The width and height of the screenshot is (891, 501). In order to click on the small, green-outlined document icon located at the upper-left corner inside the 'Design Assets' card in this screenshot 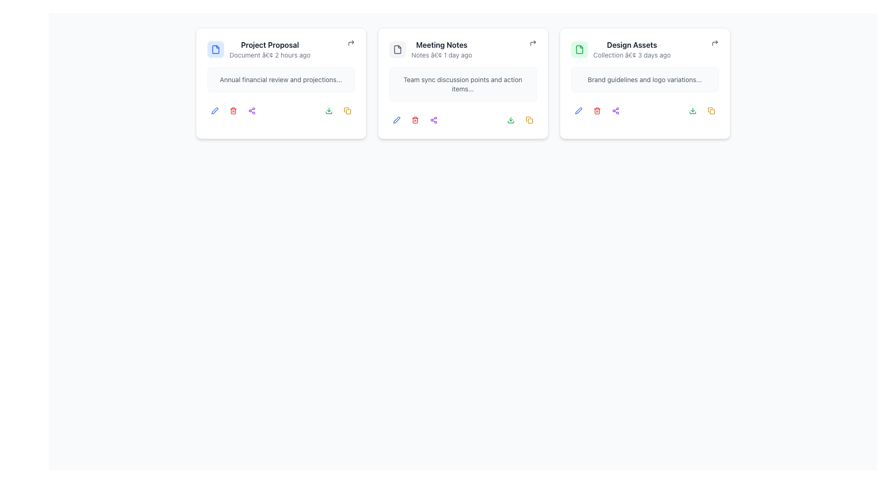, I will do `click(579, 50)`.